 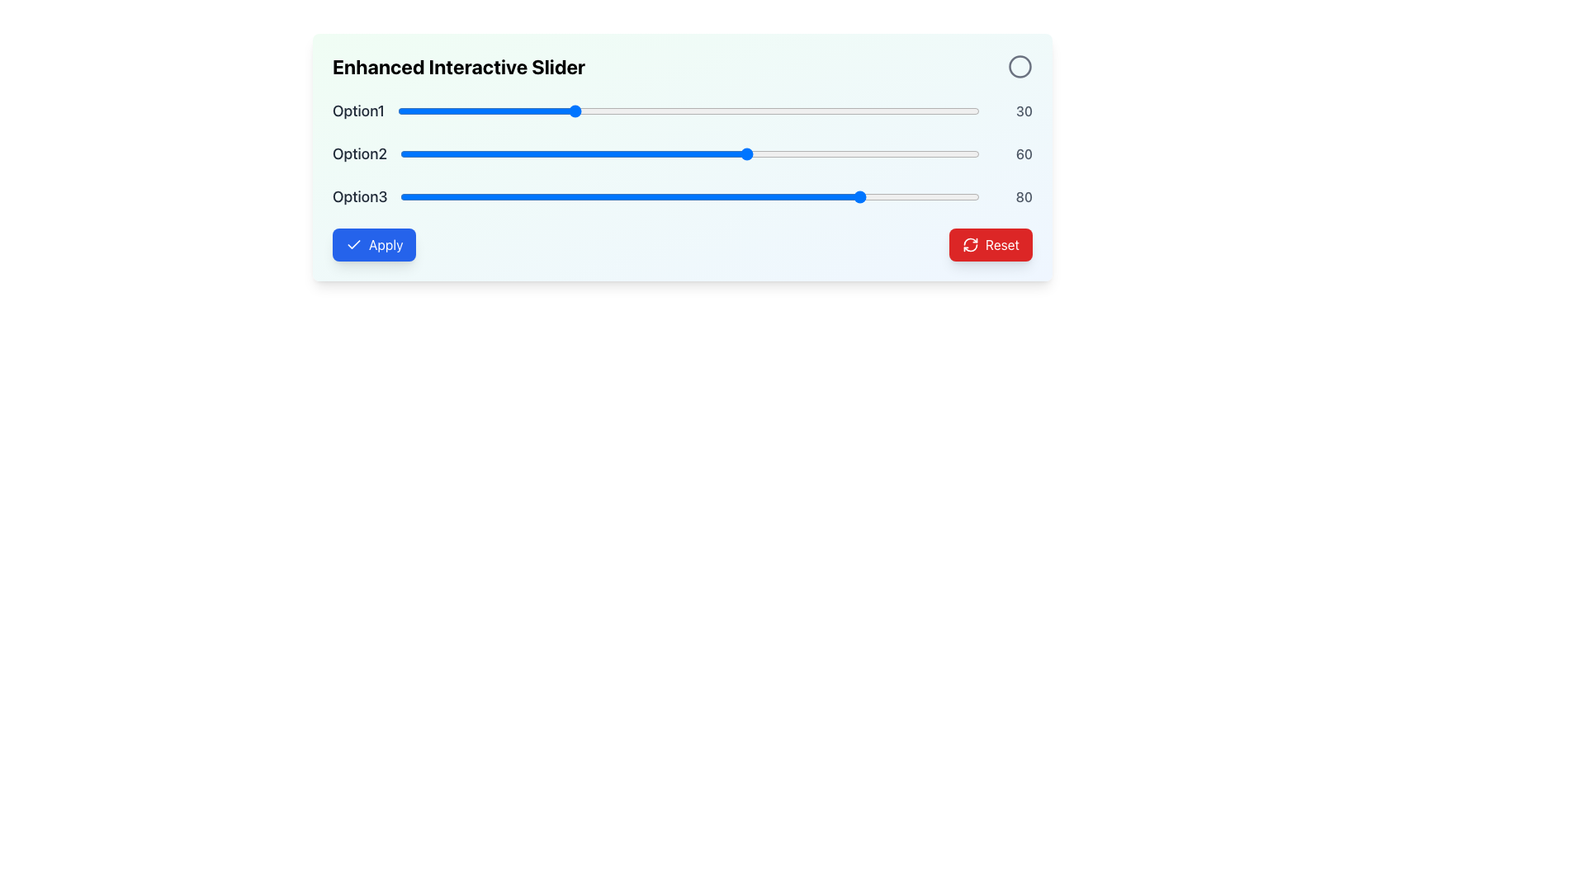 What do you see at coordinates (606, 111) in the screenshot?
I see `the value of the slider` at bounding box center [606, 111].